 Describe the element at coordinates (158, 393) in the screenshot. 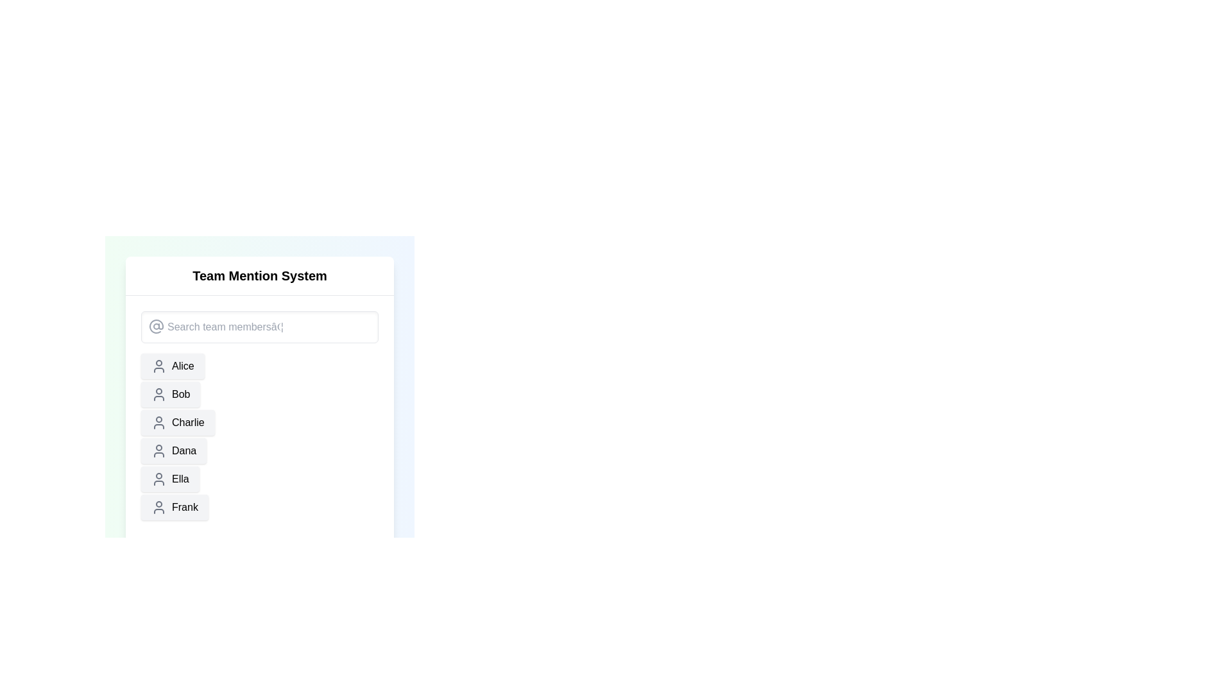

I see `the avatar icon representing the user 'Bob'` at that location.